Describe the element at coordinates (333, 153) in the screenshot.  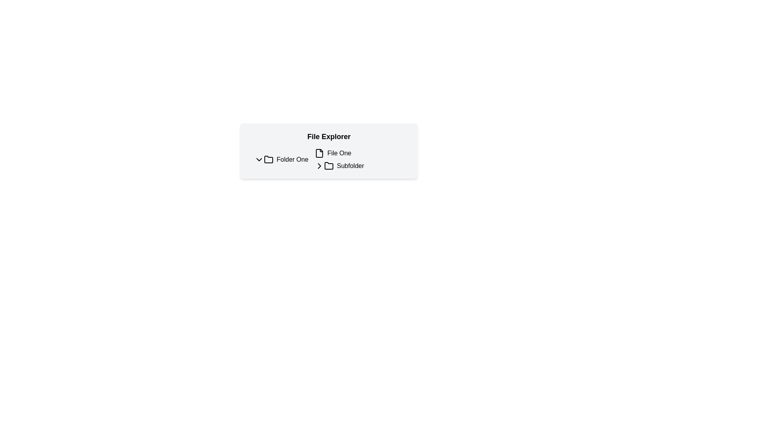
I see `the 'File One' label with the document file icon` at that location.